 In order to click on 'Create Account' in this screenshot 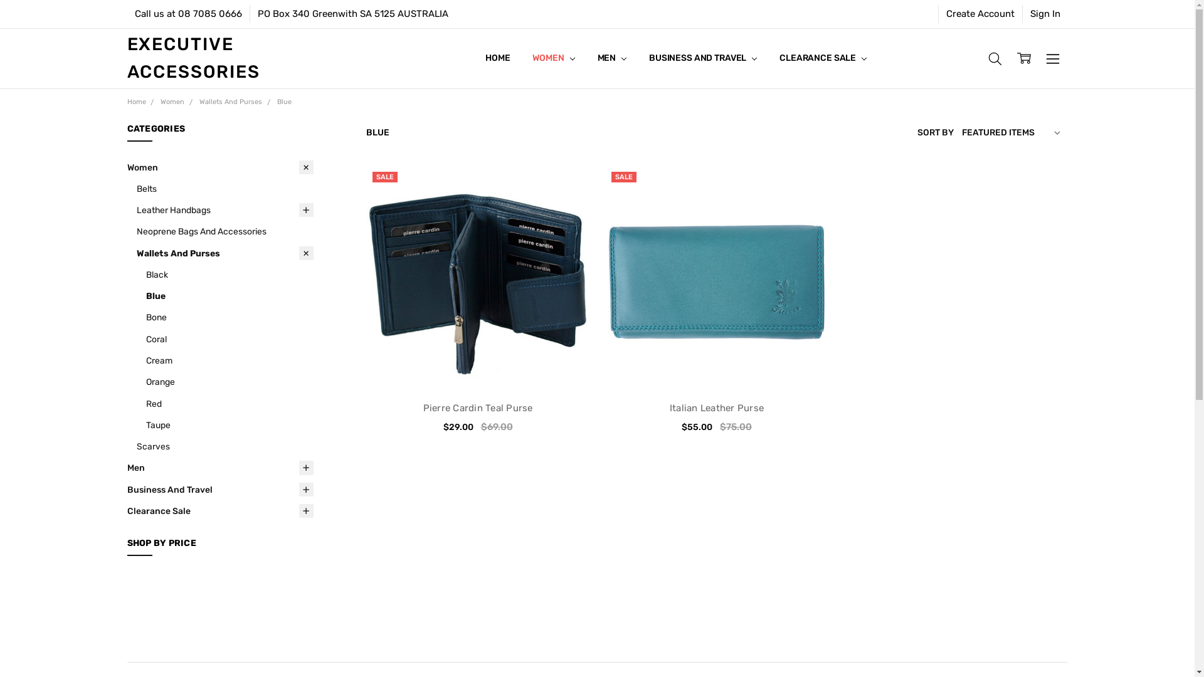, I will do `click(979, 14)`.